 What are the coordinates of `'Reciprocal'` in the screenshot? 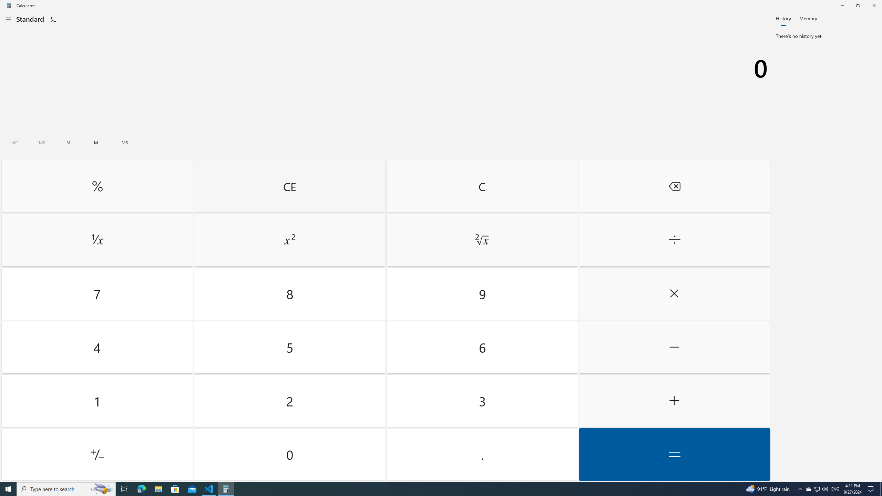 It's located at (97, 240).